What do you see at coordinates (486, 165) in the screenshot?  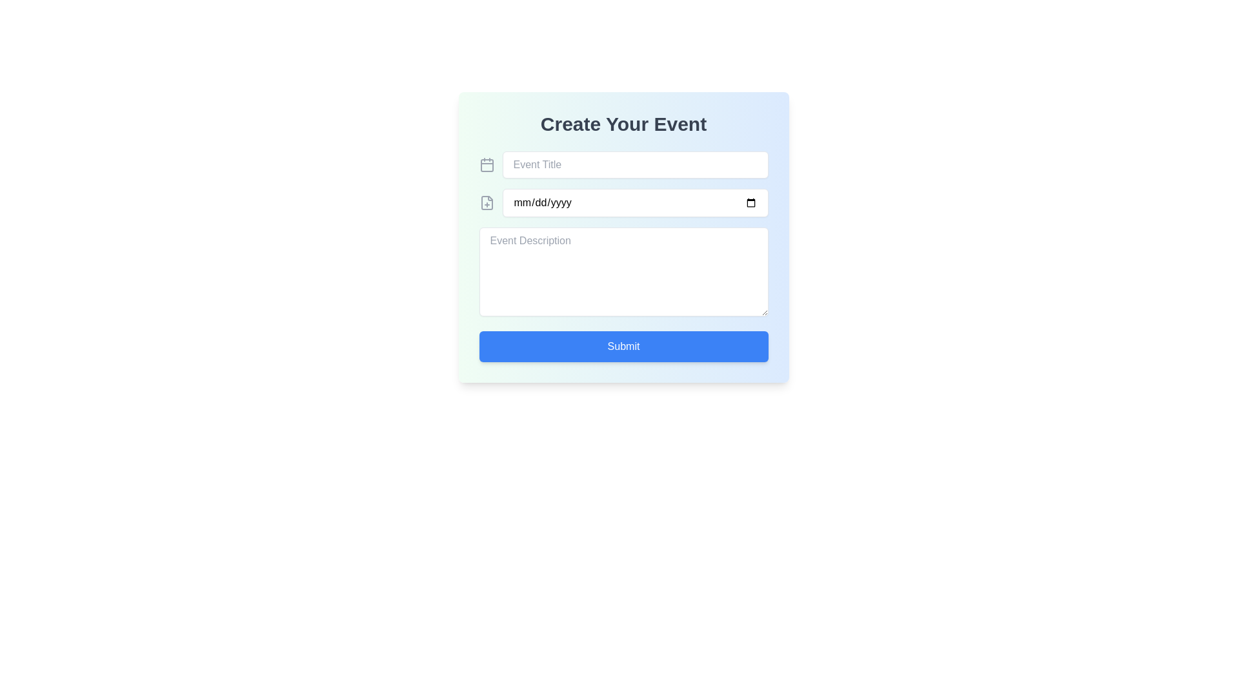 I see `the small rectangle with rounded corners inside the calendar icon in the 'Create Your Event' section, located adjacent to the 'Event Title' input field` at bounding box center [486, 165].